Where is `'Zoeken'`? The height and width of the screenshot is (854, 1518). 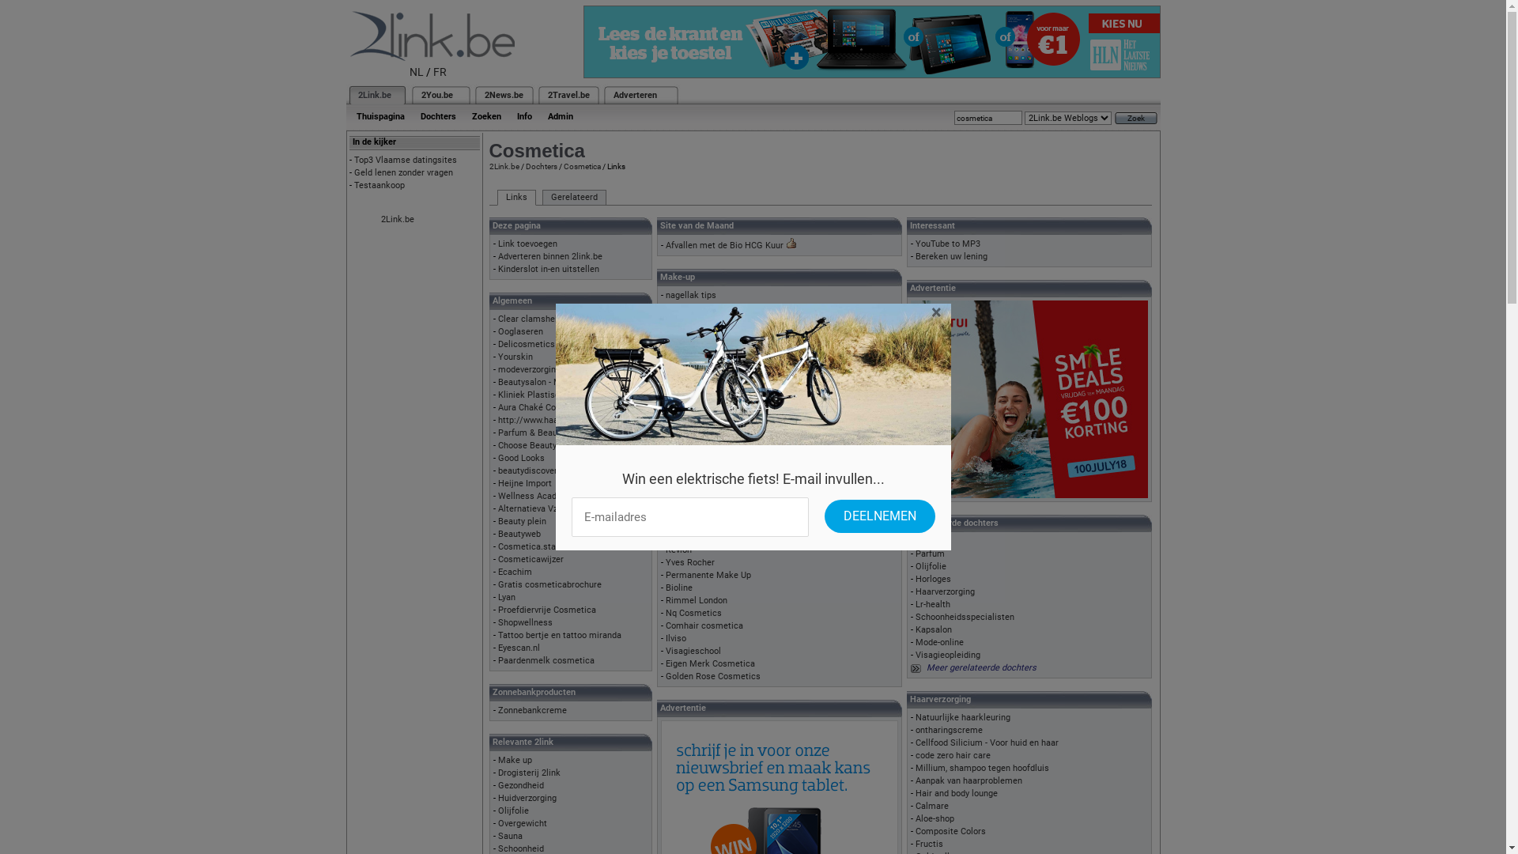 'Zoeken' is located at coordinates (485, 115).